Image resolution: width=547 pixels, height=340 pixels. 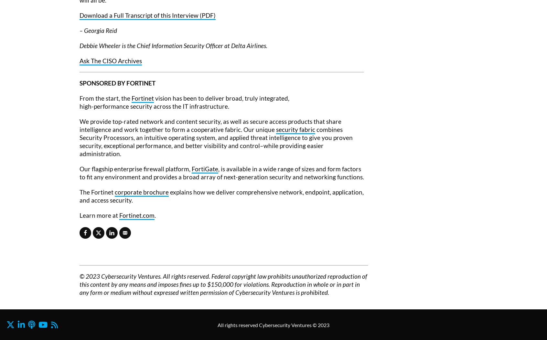 What do you see at coordinates (84, 30) in the screenshot?
I see `'Georgia Reid'` at bounding box center [84, 30].